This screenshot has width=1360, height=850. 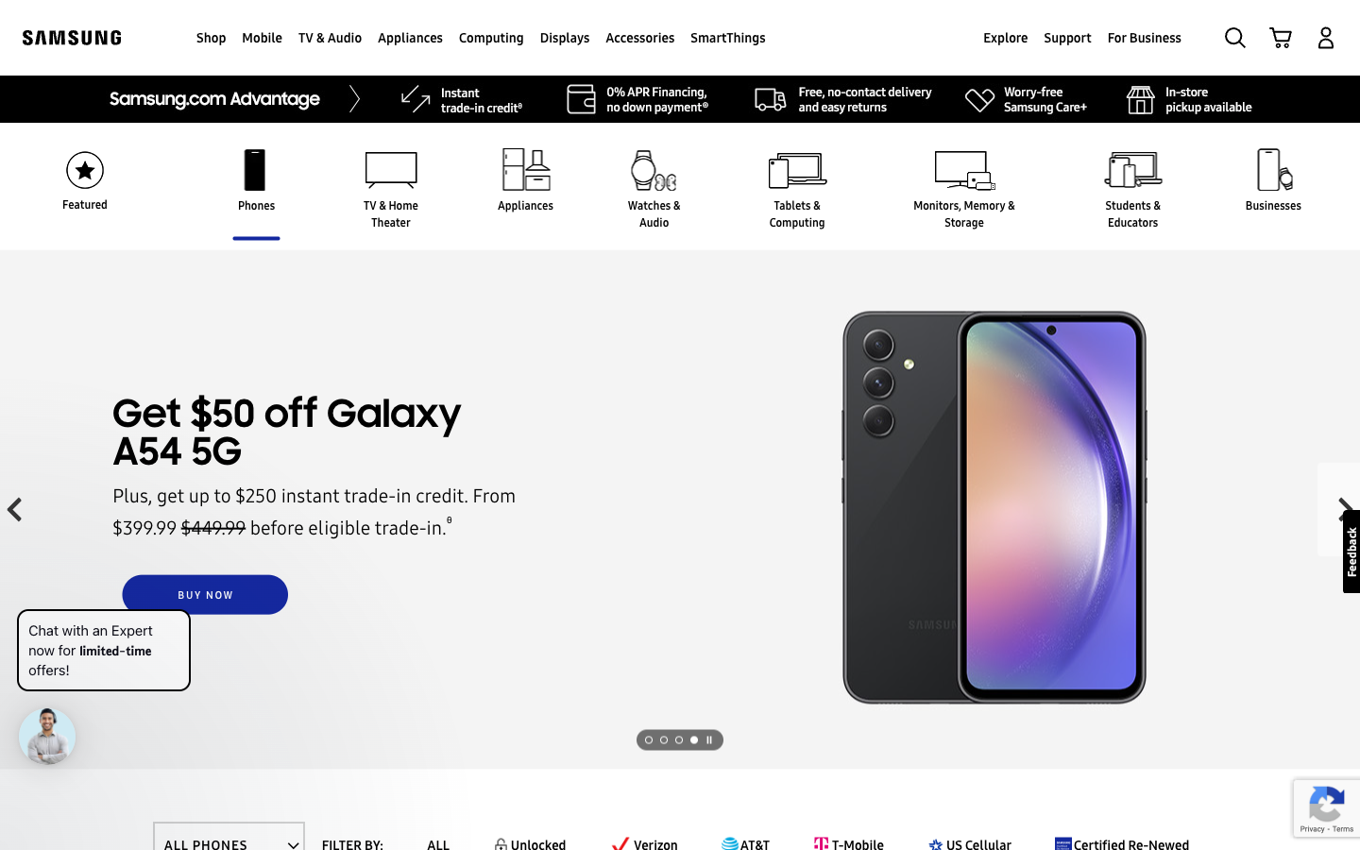 I want to click on the purchase page for the Galaxy A54 5G, so click(x=205, y=595).